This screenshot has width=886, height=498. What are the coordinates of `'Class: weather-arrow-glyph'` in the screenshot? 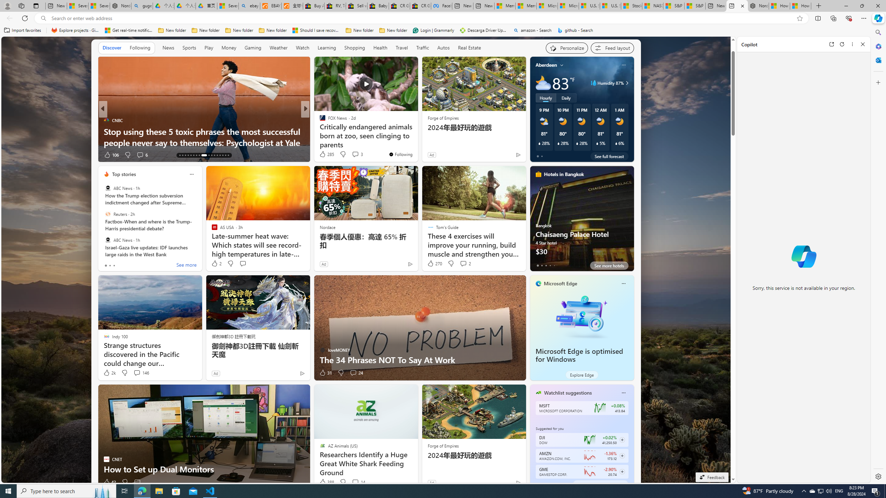 It's located at (626, 82).